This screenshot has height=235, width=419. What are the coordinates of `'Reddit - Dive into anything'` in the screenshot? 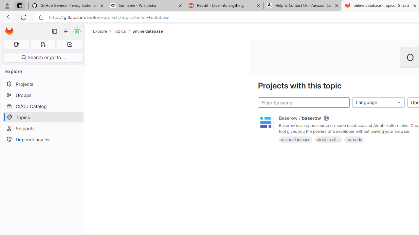 It's located at (224, 6).